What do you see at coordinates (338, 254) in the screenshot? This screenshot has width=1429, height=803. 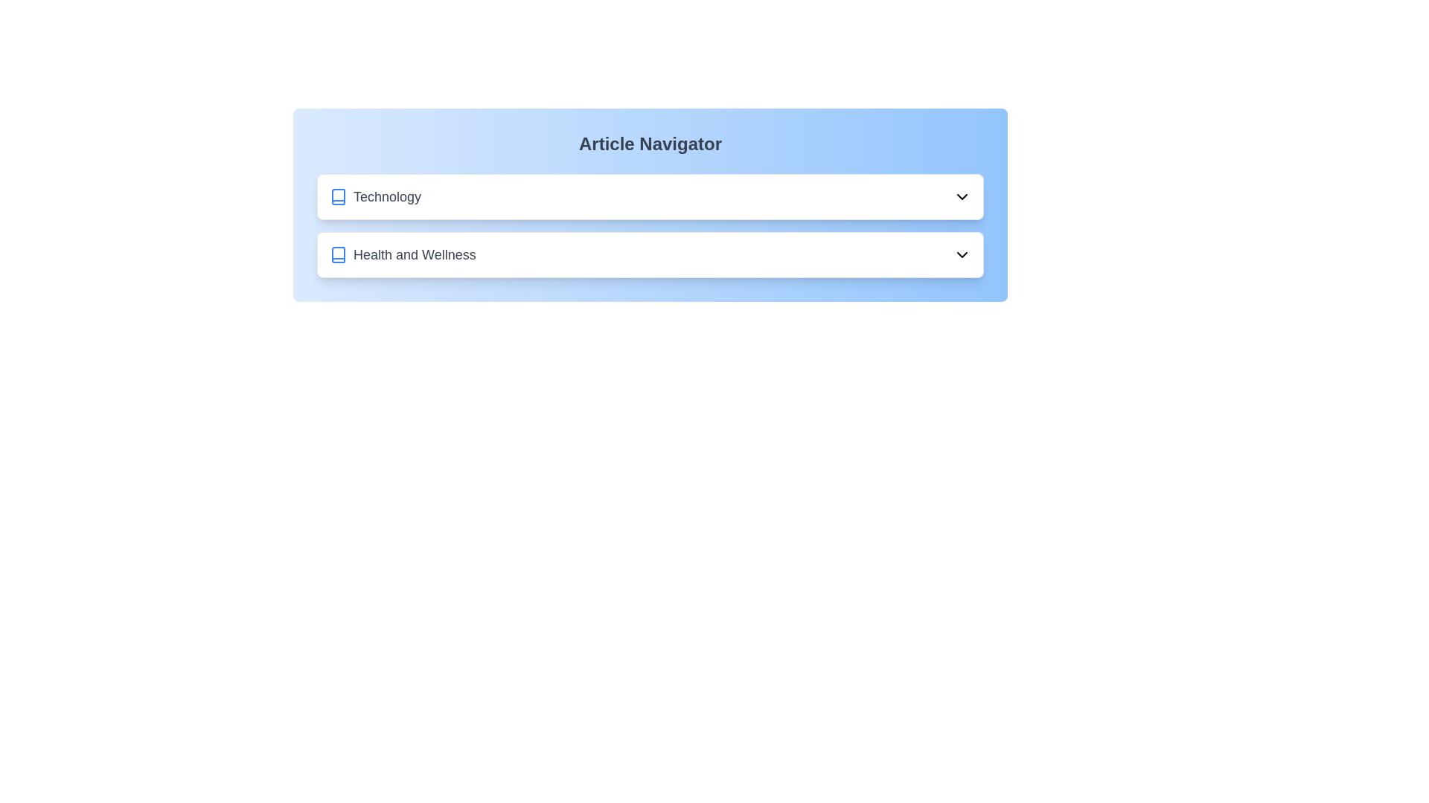 I see `the 'Health and Wellness' icon located in the second row of the Article Navigator, which visually represents the Health and Wellness feature` at bounding box center [338, 254].